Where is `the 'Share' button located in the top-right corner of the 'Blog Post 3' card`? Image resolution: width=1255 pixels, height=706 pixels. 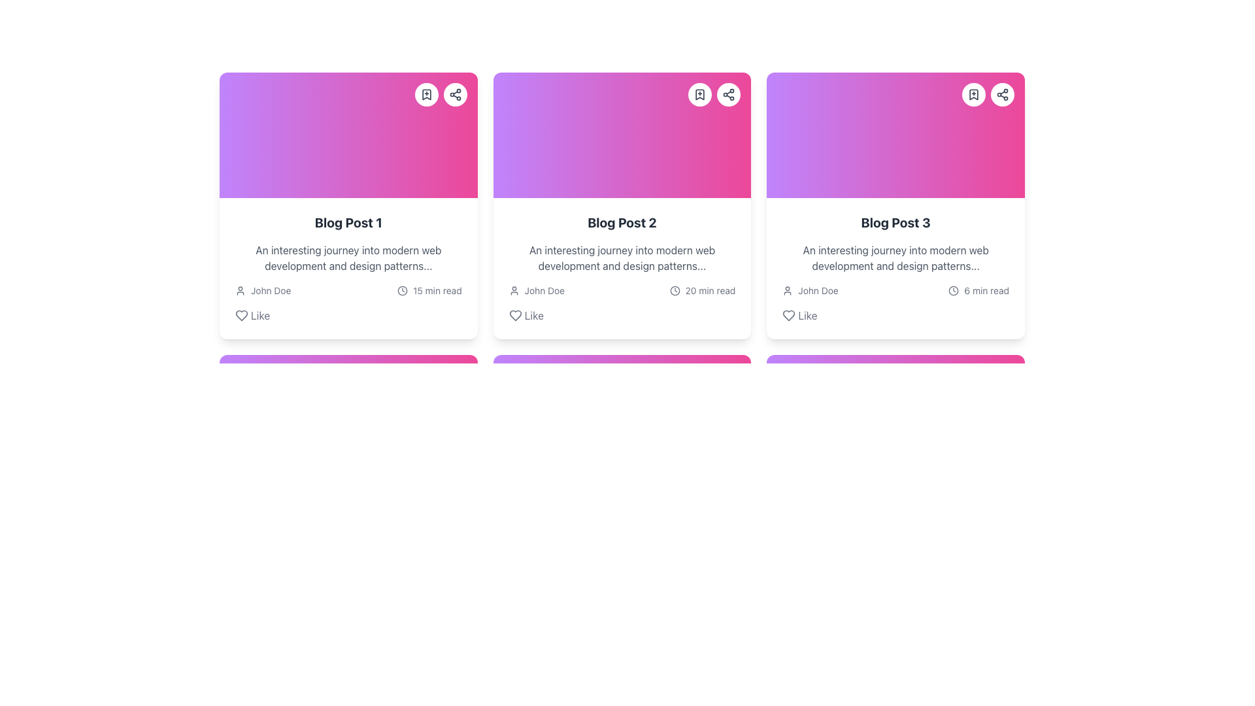
the 'Share' button located in the top-right corner of the 'Blog Post 3' card is located at coordinates (1001, 94).